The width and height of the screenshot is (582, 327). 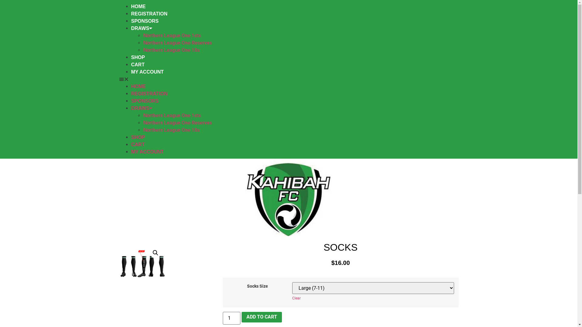 I want to click on 'HOME', so click(x=131, y=6).